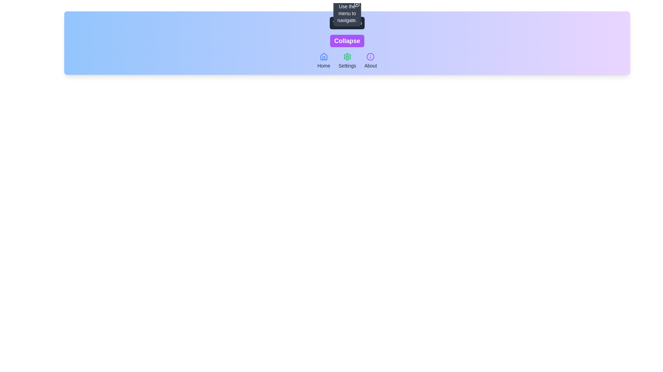 Image resolution: width=663 pixels, height=372 pixels. Describe the element at coordinates (323, 56) in the screenshot. I see `the blue house icon, which has a simplified outline with a triangular top and rectangular bottom, located in the upper section of the navigation interface` at that location.